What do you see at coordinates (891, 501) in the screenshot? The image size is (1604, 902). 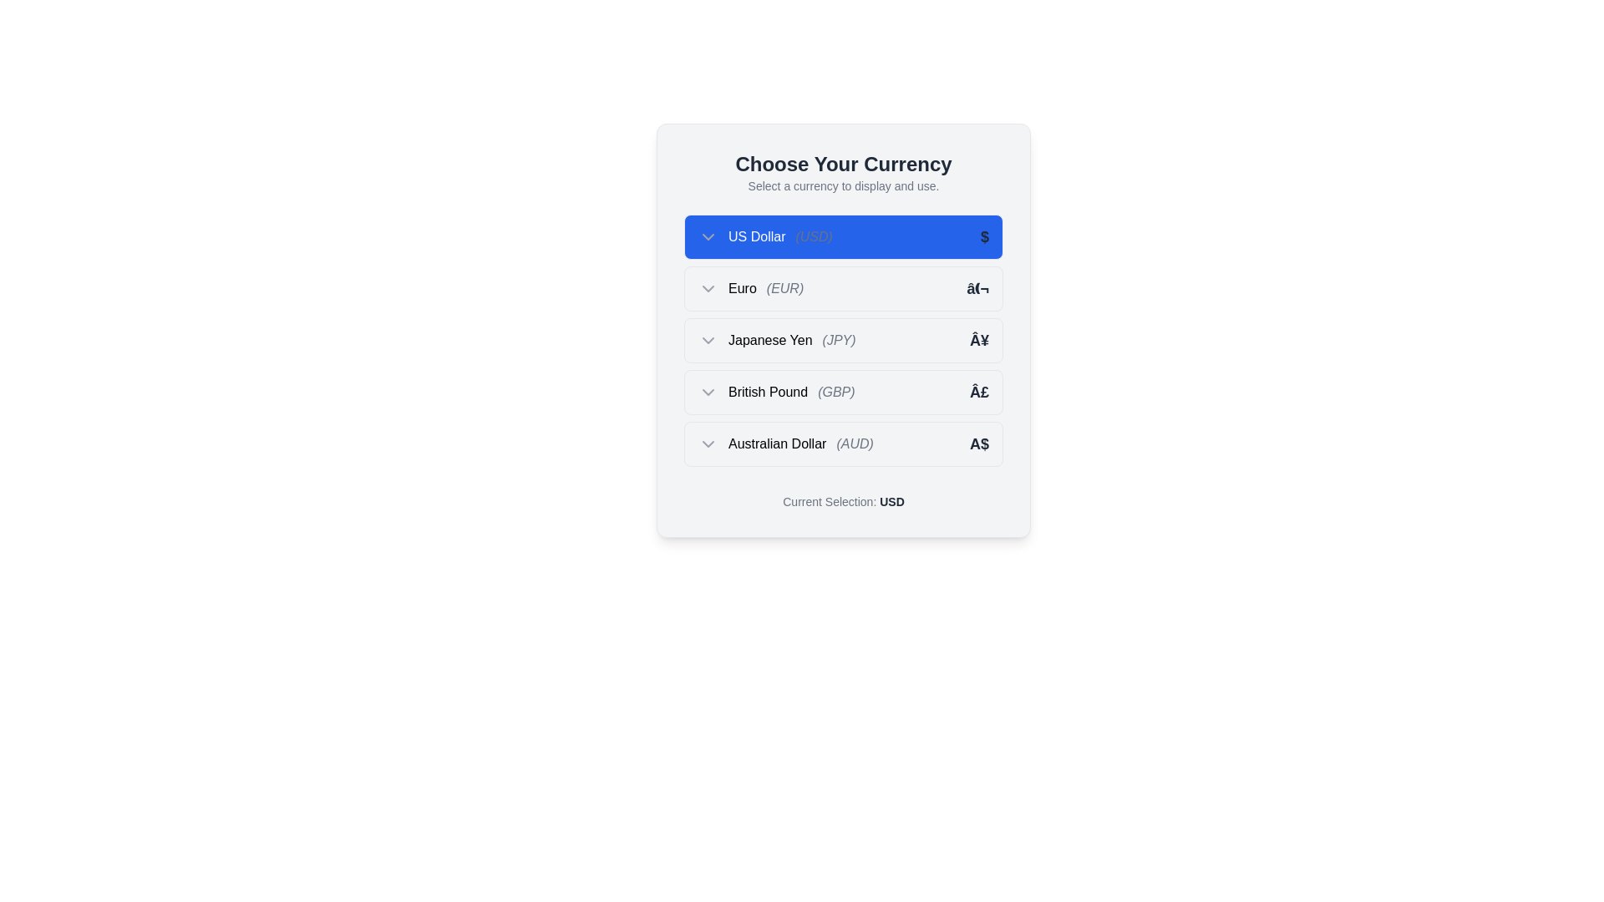 I see `the bold text displaying 'USD' which is styled in dark gray color and is prominently positioned at the end of the phrase 'Current Selection: USD' within the interface` at bounding box center [891, 501].